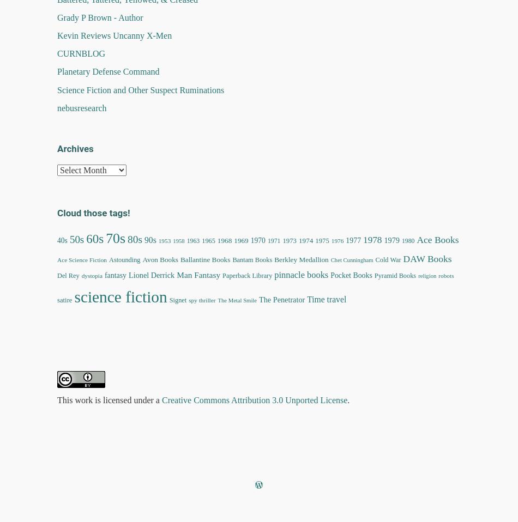 Image resolution: width=518 pixels, height=522 pixels. What do you see at coordinates (108, 71) in the screenshot?
I see `'Planetary Defense Command'` at bounding box center [108, 71].